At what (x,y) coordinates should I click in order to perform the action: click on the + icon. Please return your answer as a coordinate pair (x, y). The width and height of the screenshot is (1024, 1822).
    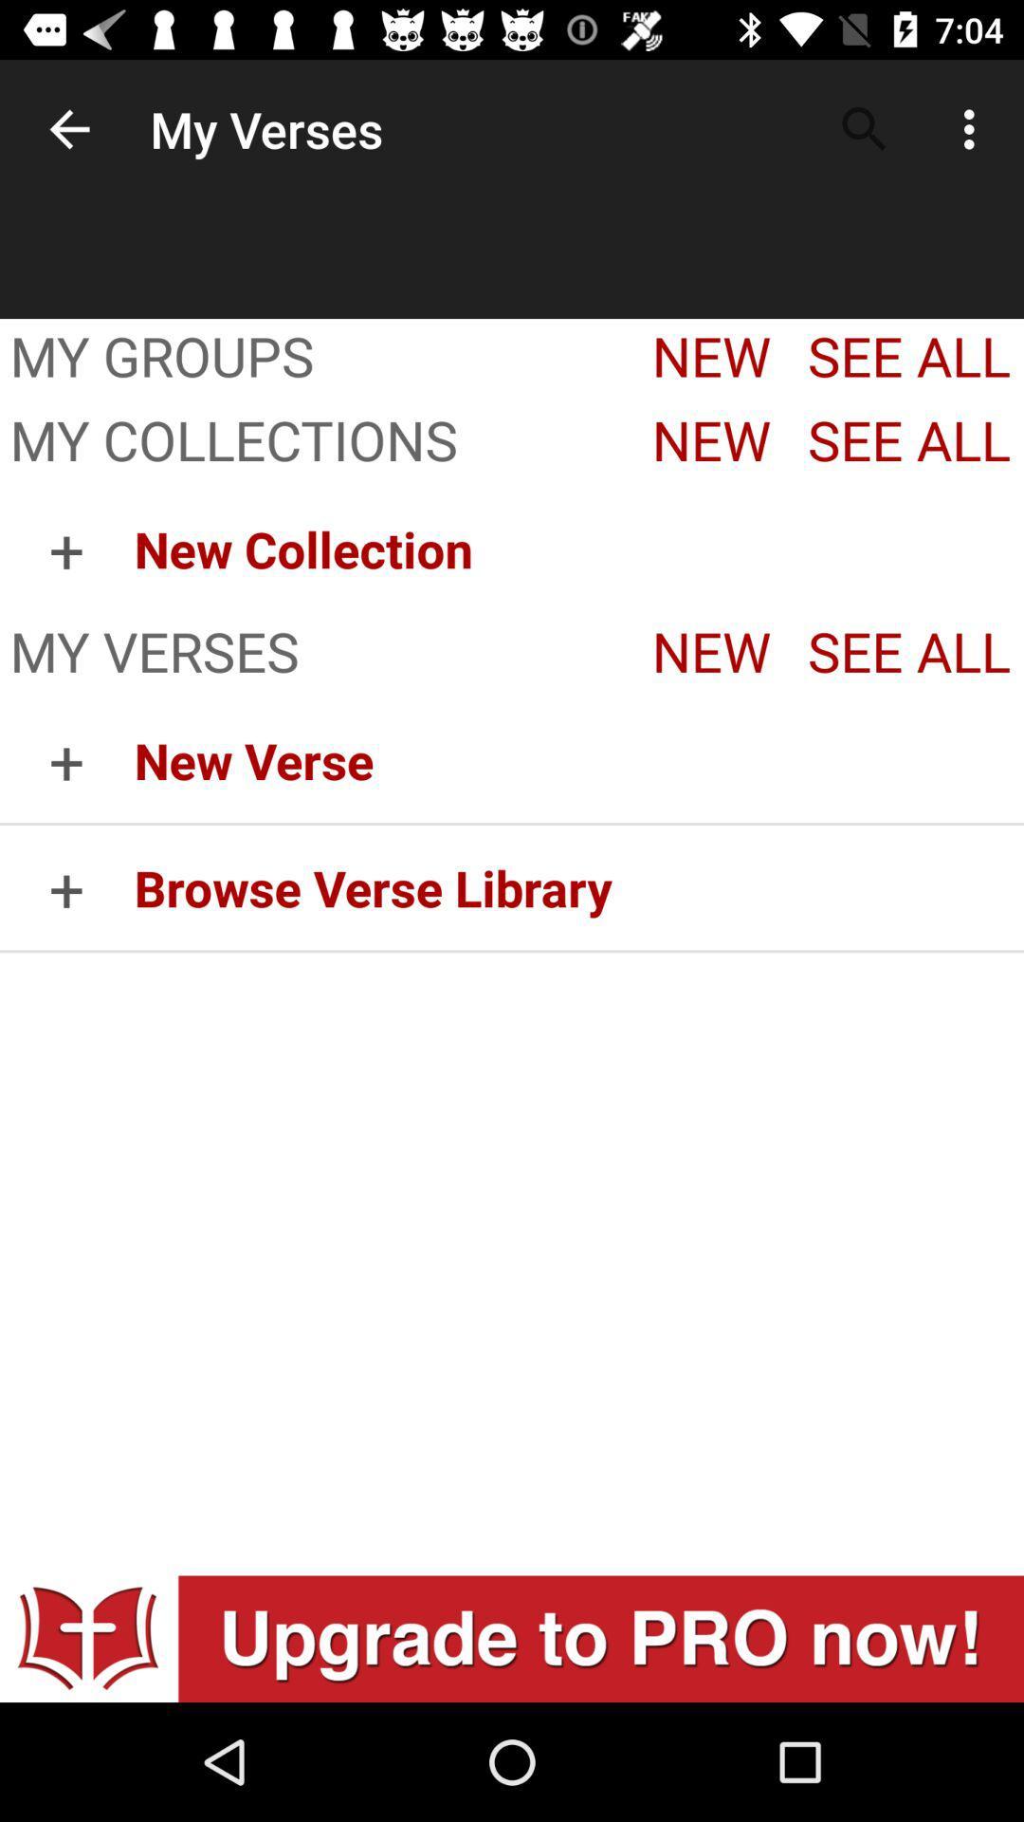
    Looking at the image, I should click on (65, 886).